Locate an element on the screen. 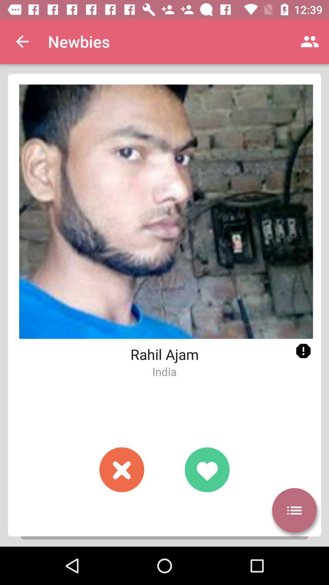 The width and height of the screenshot is (329, 585). reject is located at coordinates (122, 469).